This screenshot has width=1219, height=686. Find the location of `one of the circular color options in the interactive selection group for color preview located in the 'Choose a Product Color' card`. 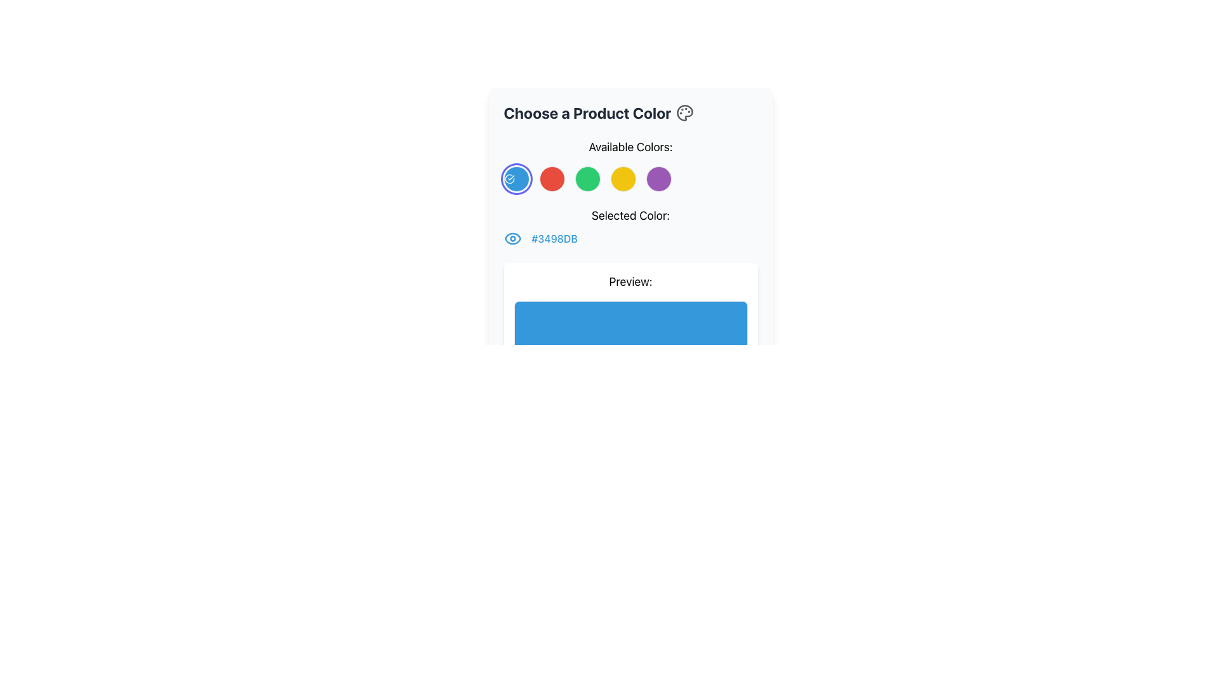

one of the circular color options in the interactive selection group for color preview located in the 'Choose a Product Color' card is located at coordinates (630, 164).